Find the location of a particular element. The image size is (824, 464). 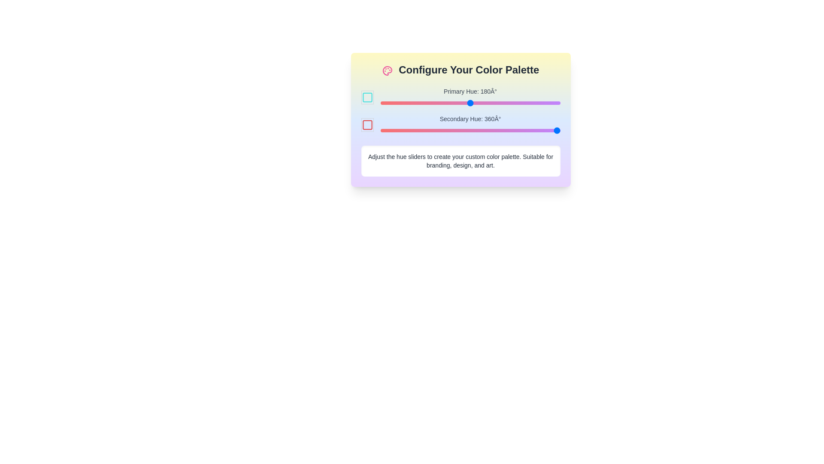

the gradient background area to inspect it is located at coordinates (460, 119).